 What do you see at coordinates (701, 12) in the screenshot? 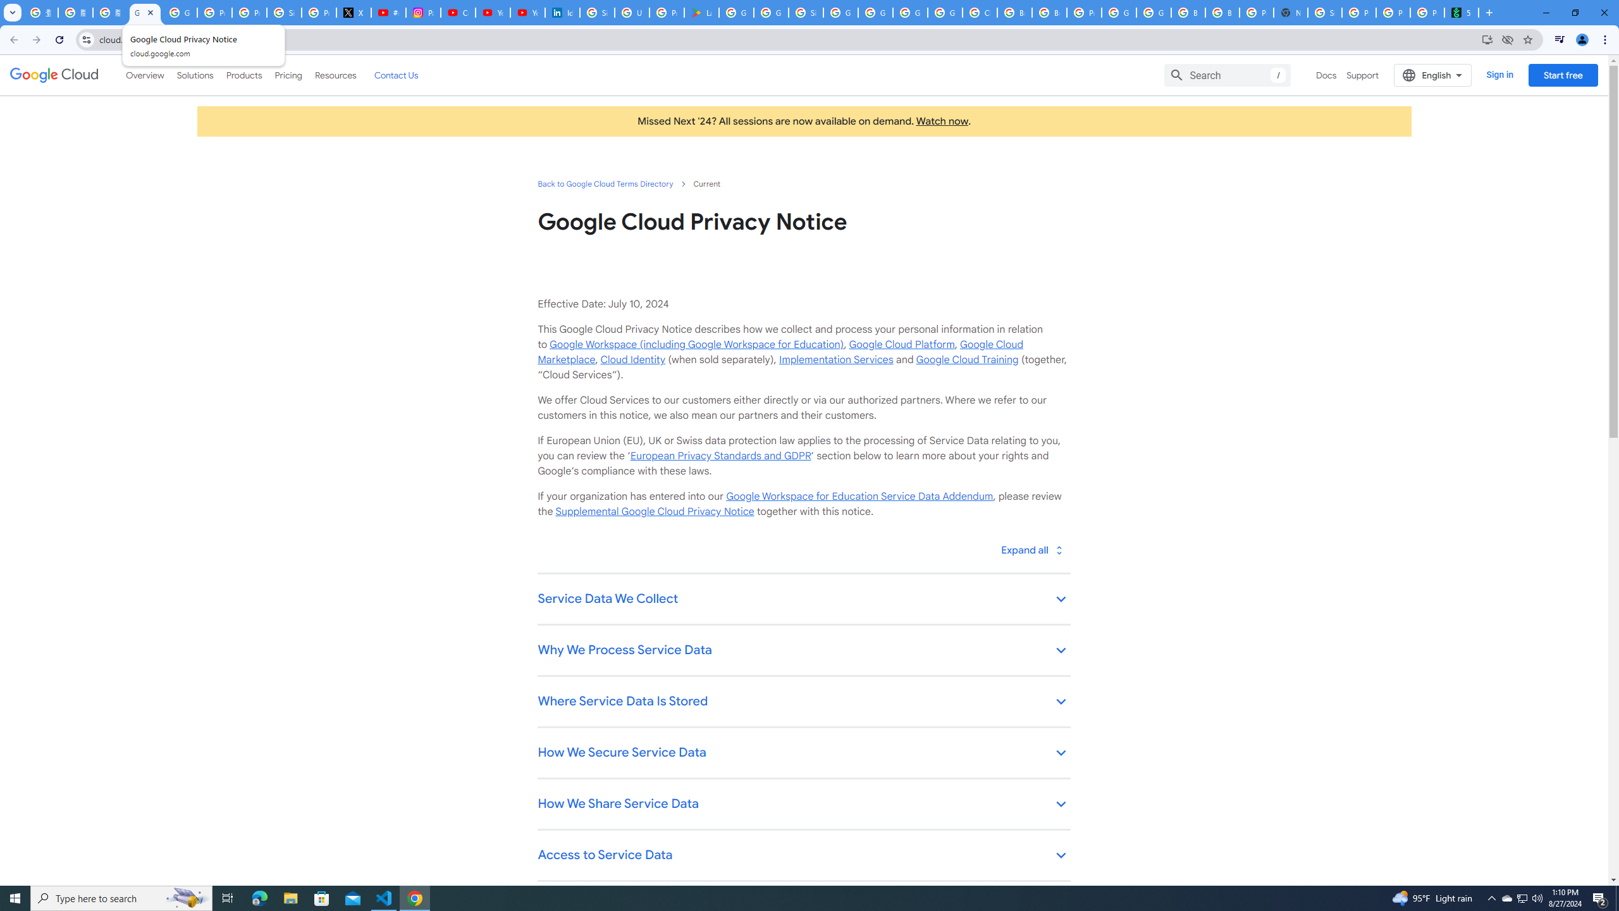
I see `'Last Shelter: Survival - Apps on Google Play'` at bounding box center [701, 12].